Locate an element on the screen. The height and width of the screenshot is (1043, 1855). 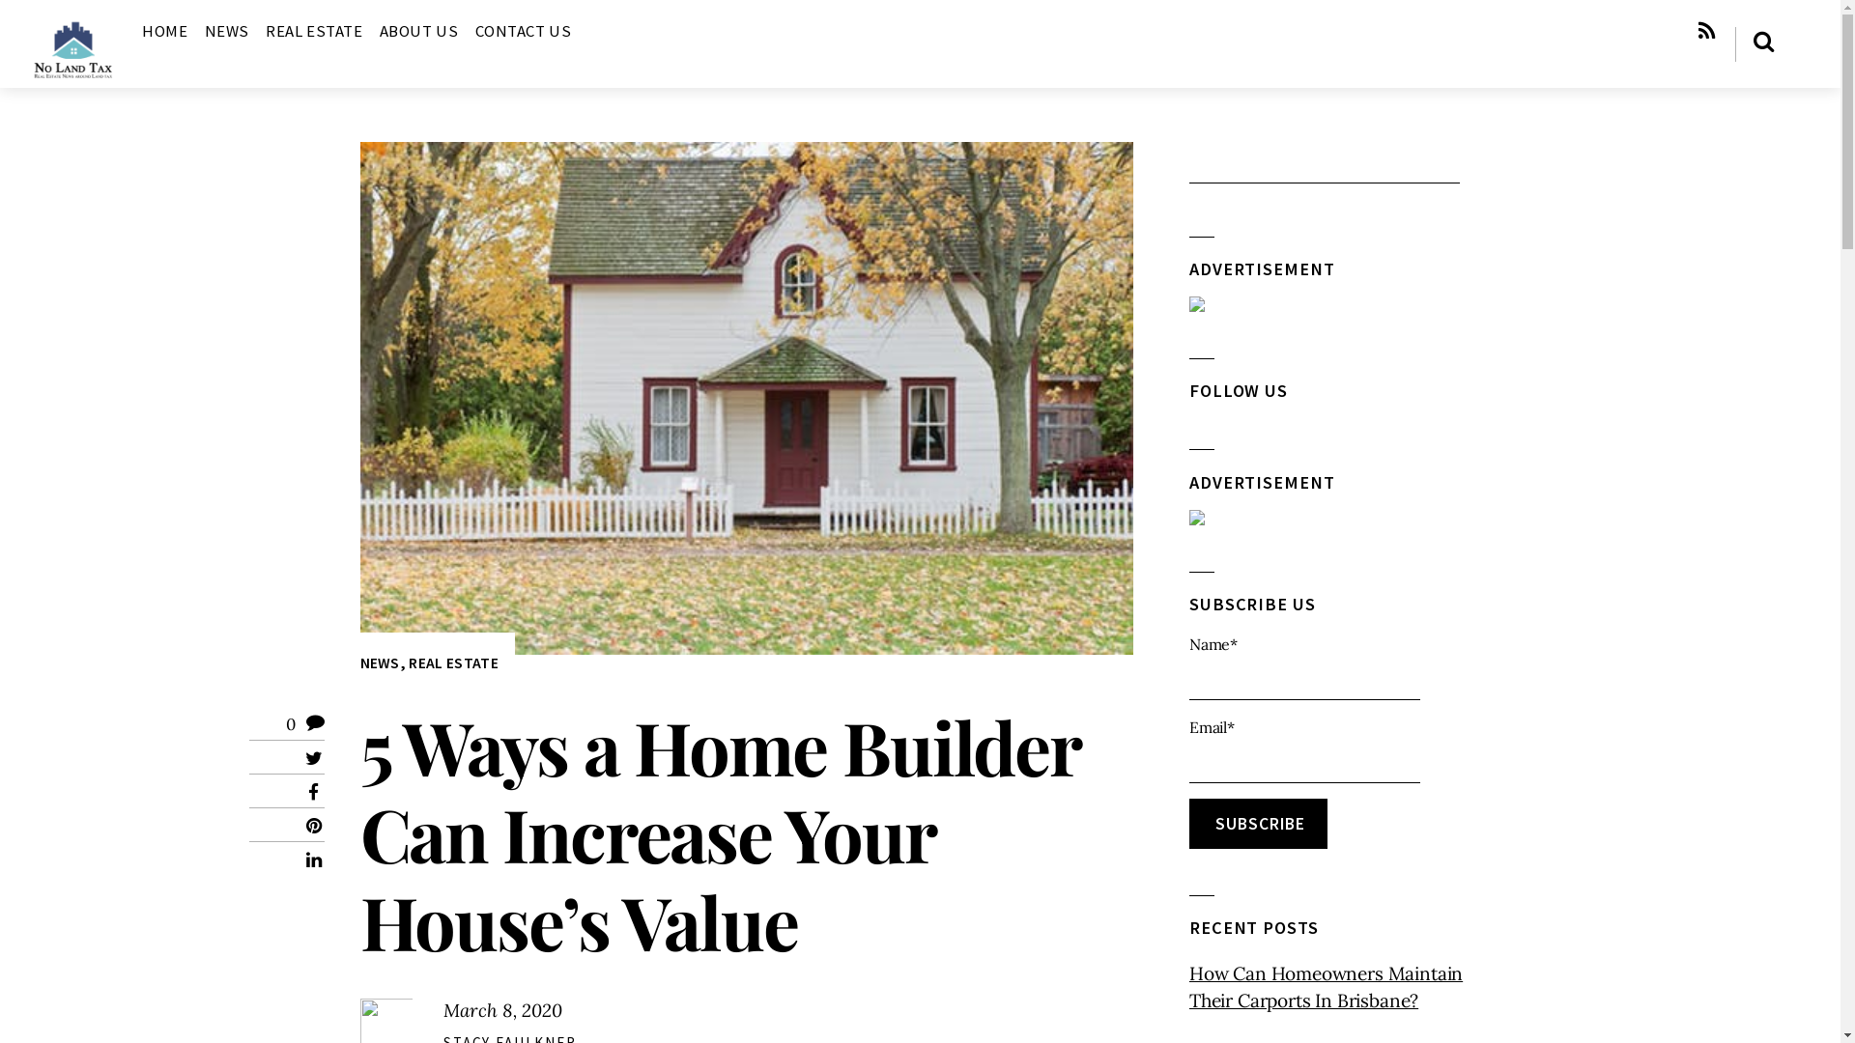
'REAL ESTATE' is located at coordinates (452, 662).